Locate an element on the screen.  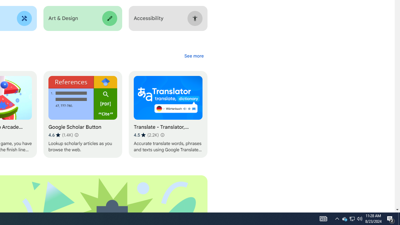
'Average rating 4.6 out of 5 stars. 1.4K ratings.' is located at coordinates (60, 135).